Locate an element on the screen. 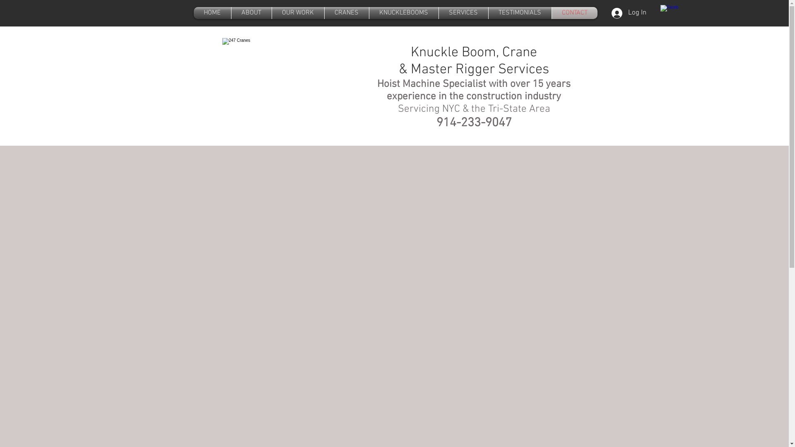 The height and width of the screenshot is (447, 795). 'CONTACT' is located at coordinates (574, 13).